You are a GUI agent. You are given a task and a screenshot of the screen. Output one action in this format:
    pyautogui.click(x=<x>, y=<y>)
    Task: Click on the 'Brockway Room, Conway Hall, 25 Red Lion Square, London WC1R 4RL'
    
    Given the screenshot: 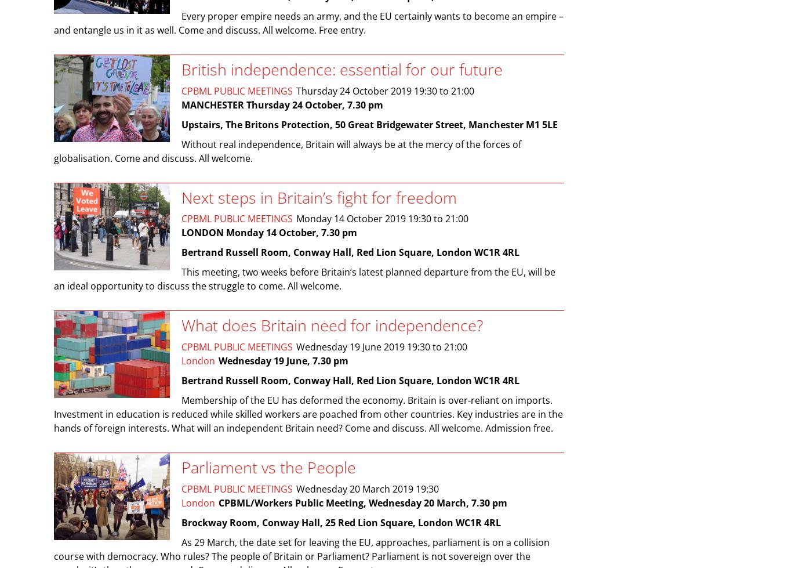 What is the action you would take?
    pyautogui.click(x=340, y=521)
    